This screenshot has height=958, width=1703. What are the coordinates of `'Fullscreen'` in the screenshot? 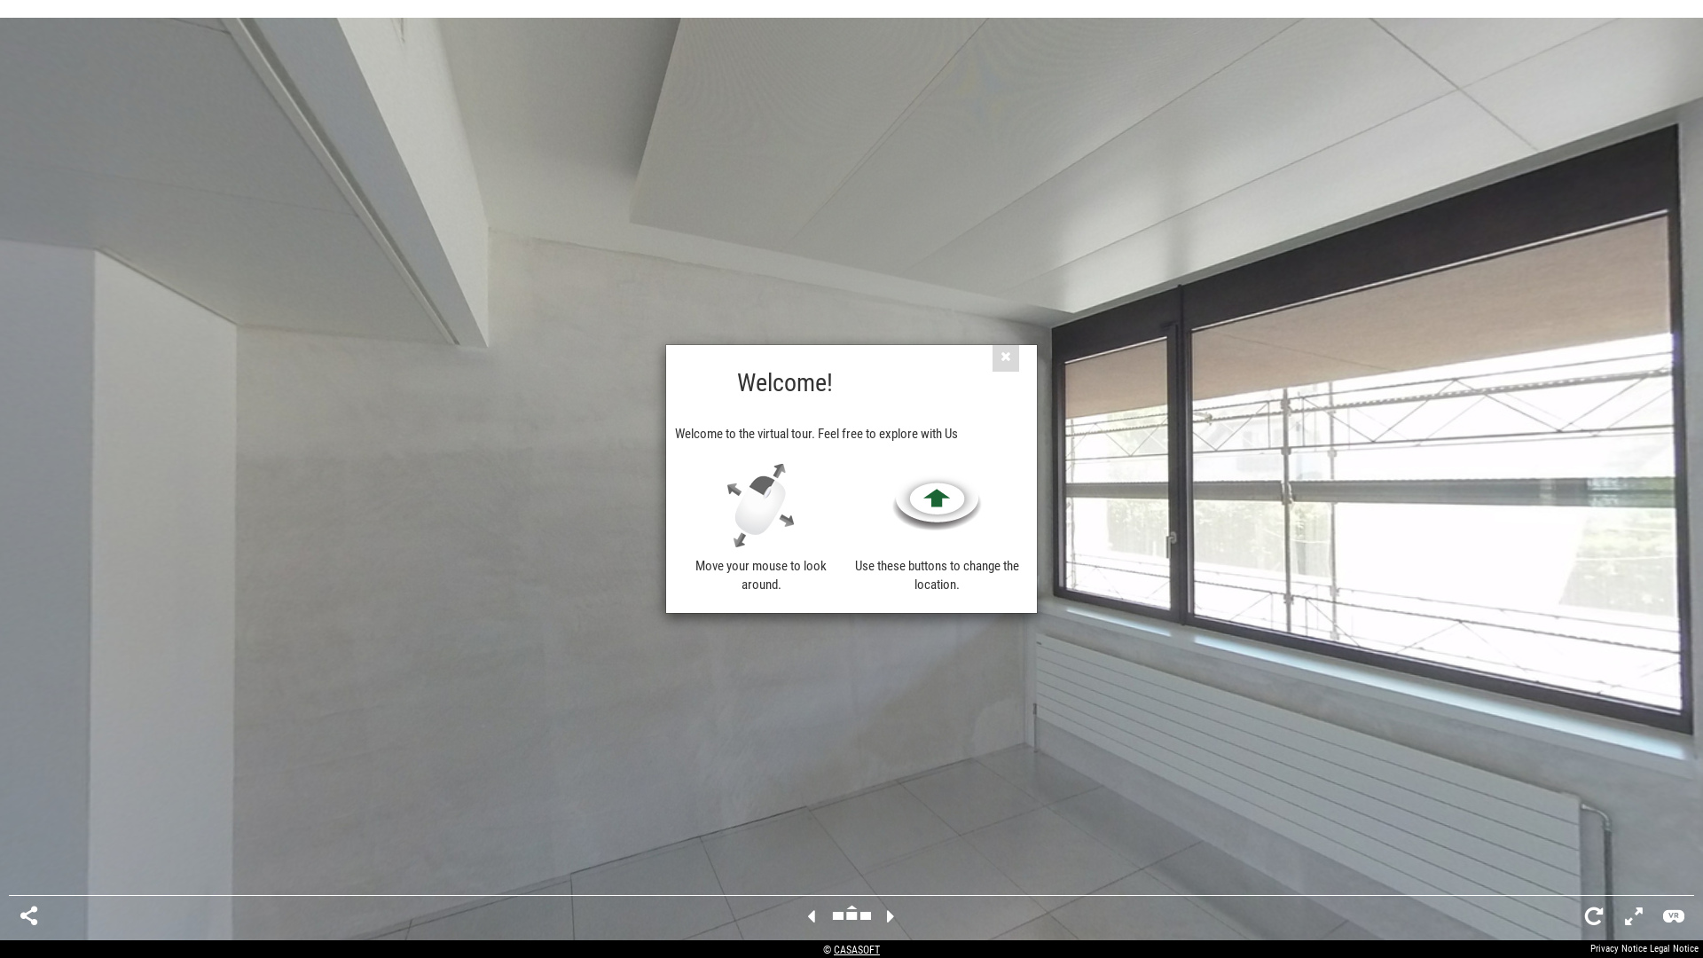 It's located at (1633, 916).